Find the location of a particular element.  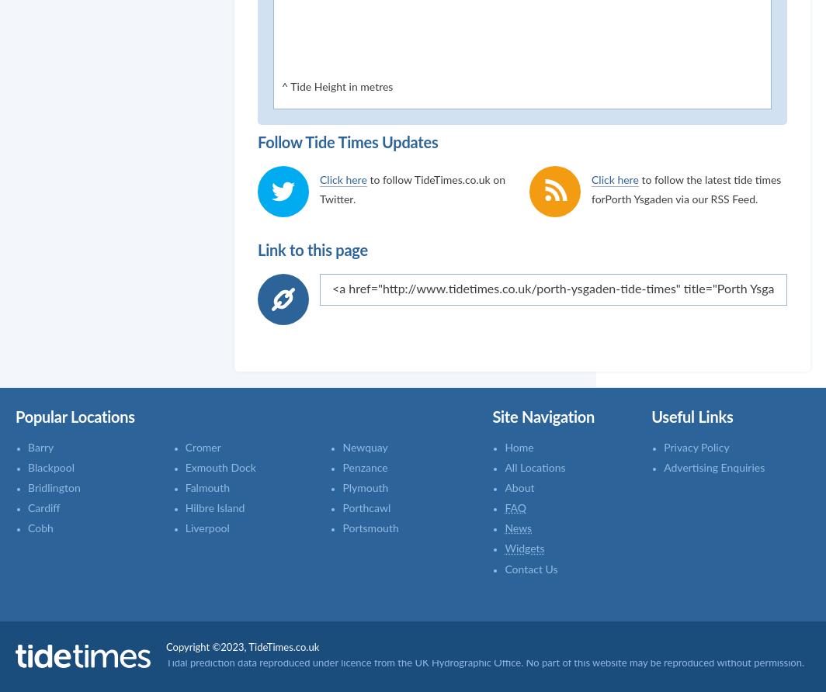

'Liverpool' is located at coordinates (206, 529).